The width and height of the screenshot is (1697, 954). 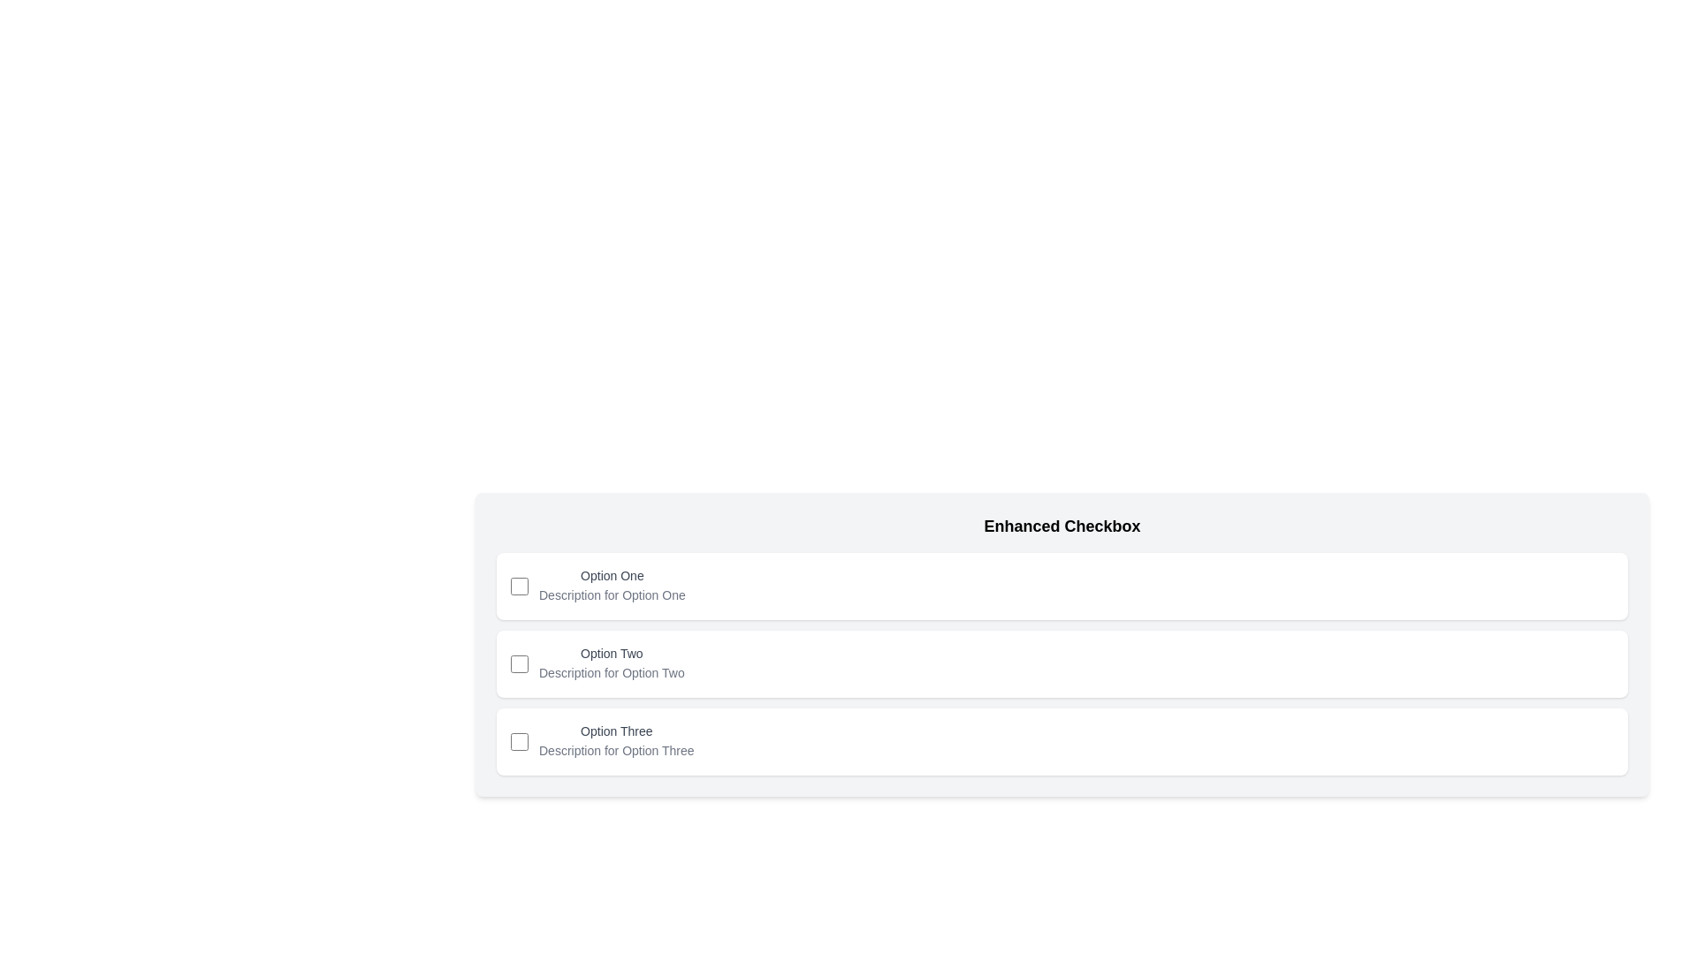 I want to click on the checkbox for 'Option Two', so click(x=519, y=664).